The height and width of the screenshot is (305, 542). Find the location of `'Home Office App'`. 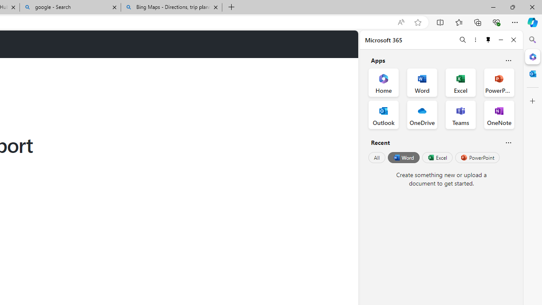

'Home Office App' is located at coordinates (383, 83).